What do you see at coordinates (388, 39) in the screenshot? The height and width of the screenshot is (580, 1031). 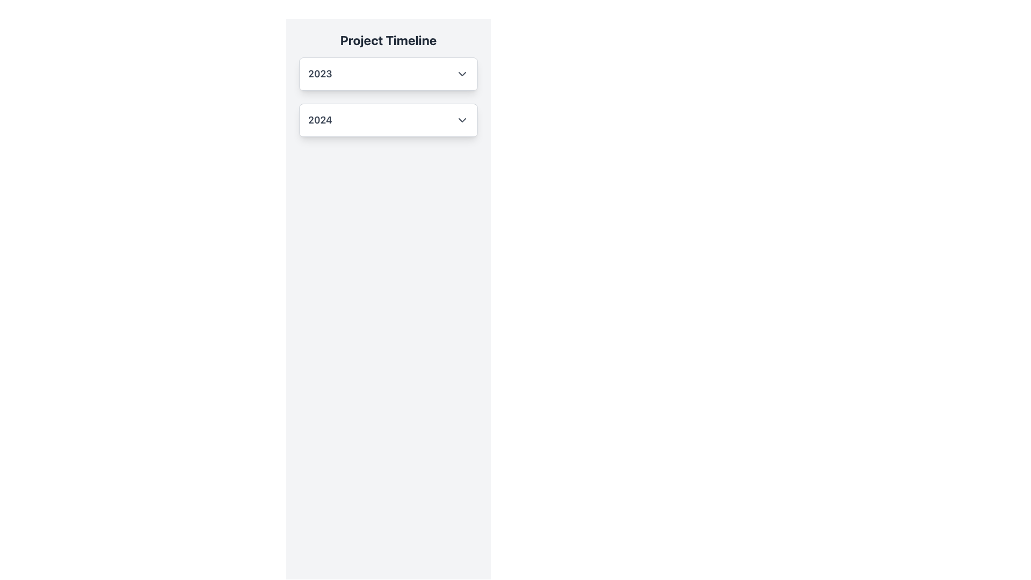 I see `the 'Project Timeline' text label, which is styled with a bold, large font in dark gray color and centered within a light gray background` at bounding box center [388, 39].